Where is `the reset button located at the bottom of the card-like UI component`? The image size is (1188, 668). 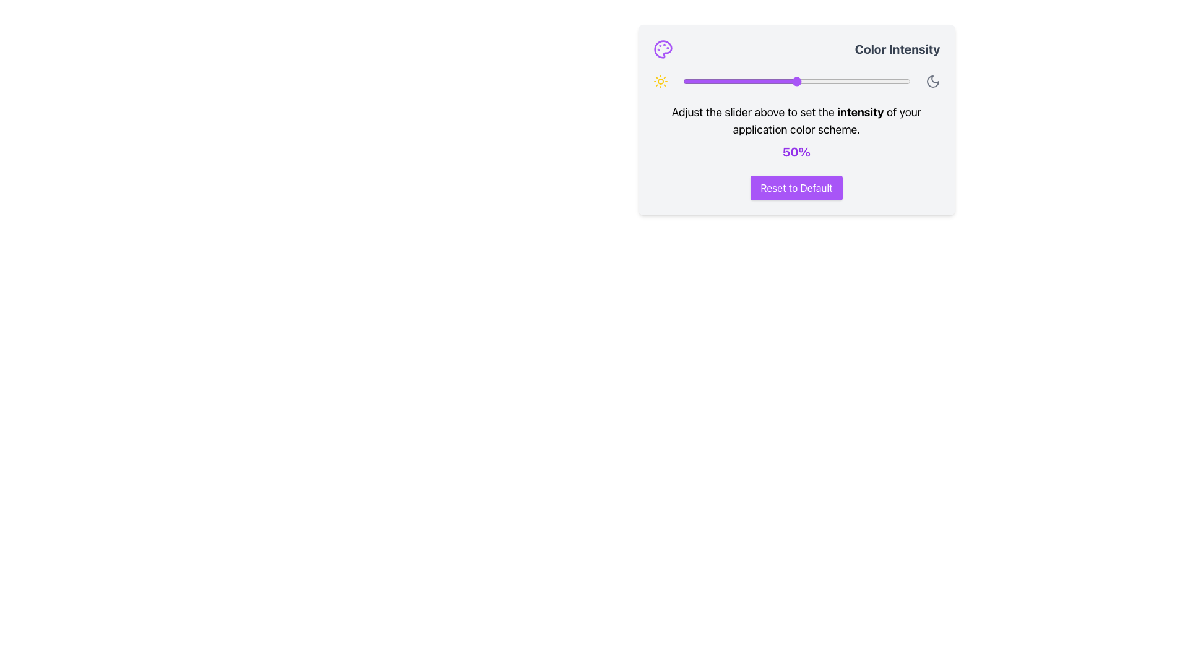
the reset button located at the bottom of the card-like UI component is located at coordinates (796, 188).